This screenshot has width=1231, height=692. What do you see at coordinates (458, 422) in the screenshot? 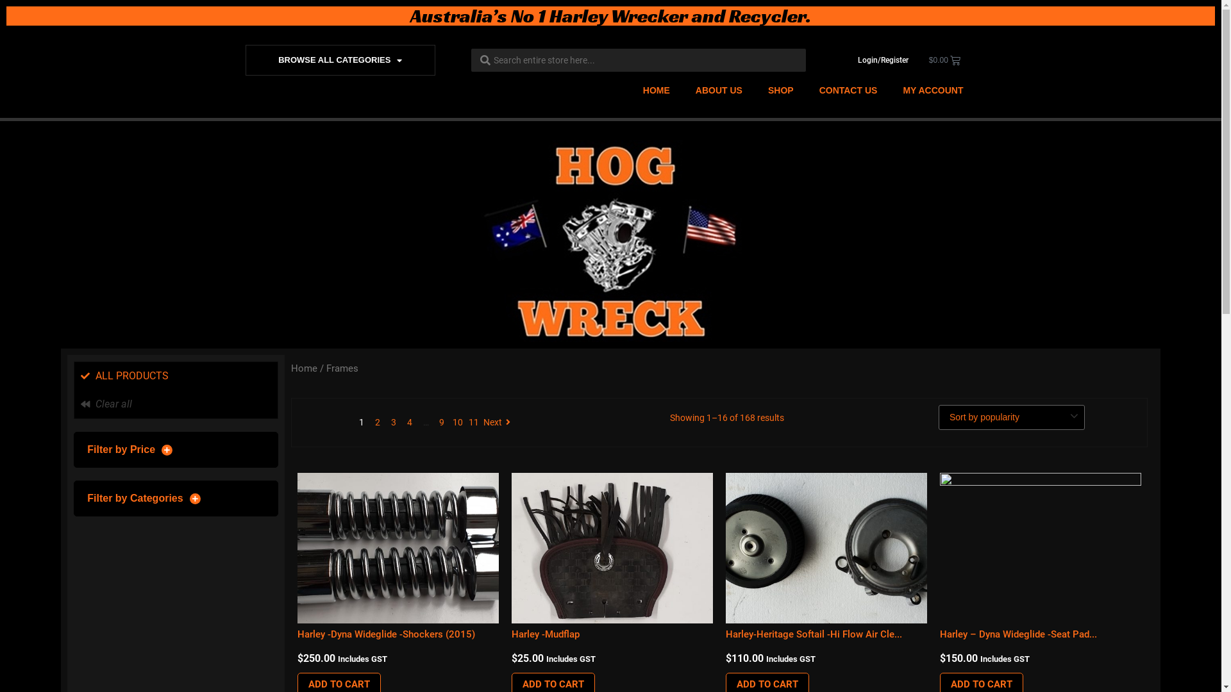
I see `'10'` at bounding box center [458, 422].